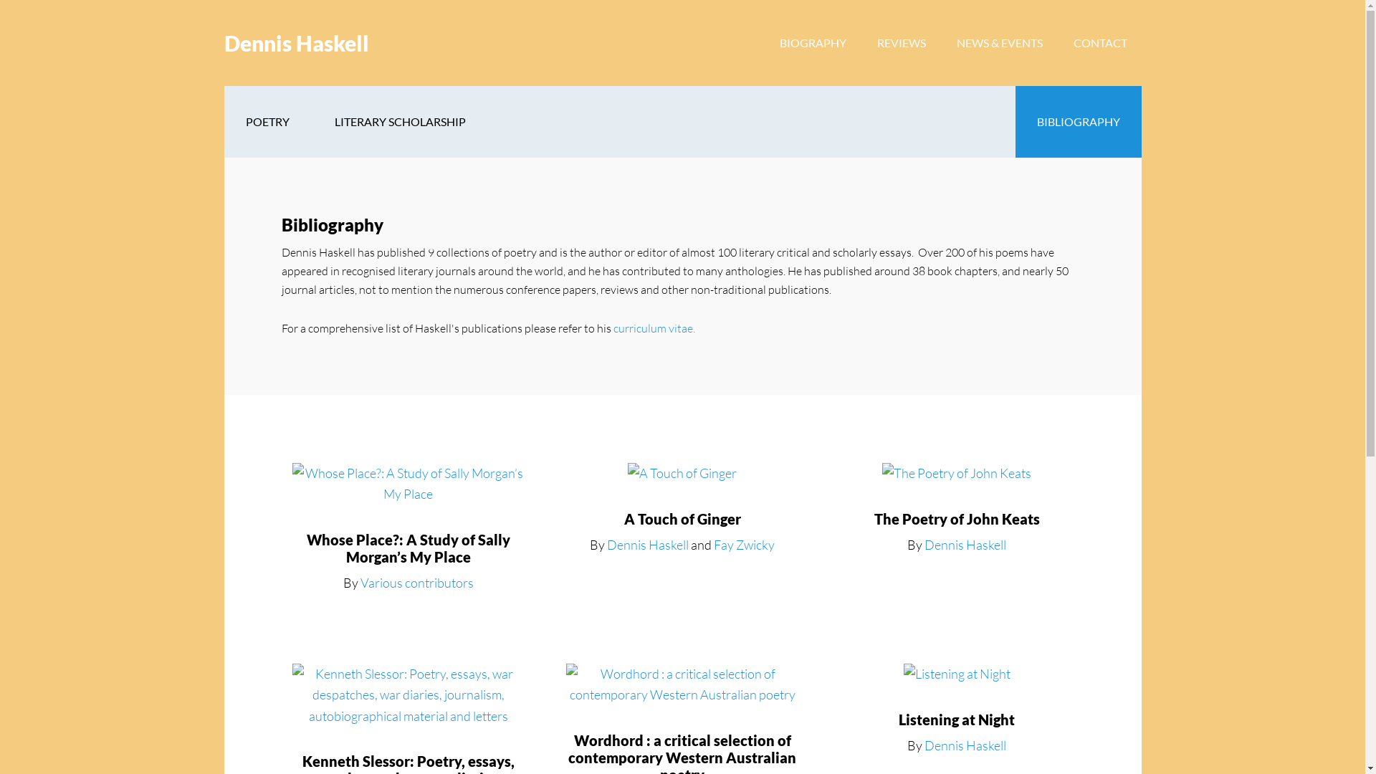 The image size is (1376, 774). I want to click on 'REVIEWS', so click(900, 42).